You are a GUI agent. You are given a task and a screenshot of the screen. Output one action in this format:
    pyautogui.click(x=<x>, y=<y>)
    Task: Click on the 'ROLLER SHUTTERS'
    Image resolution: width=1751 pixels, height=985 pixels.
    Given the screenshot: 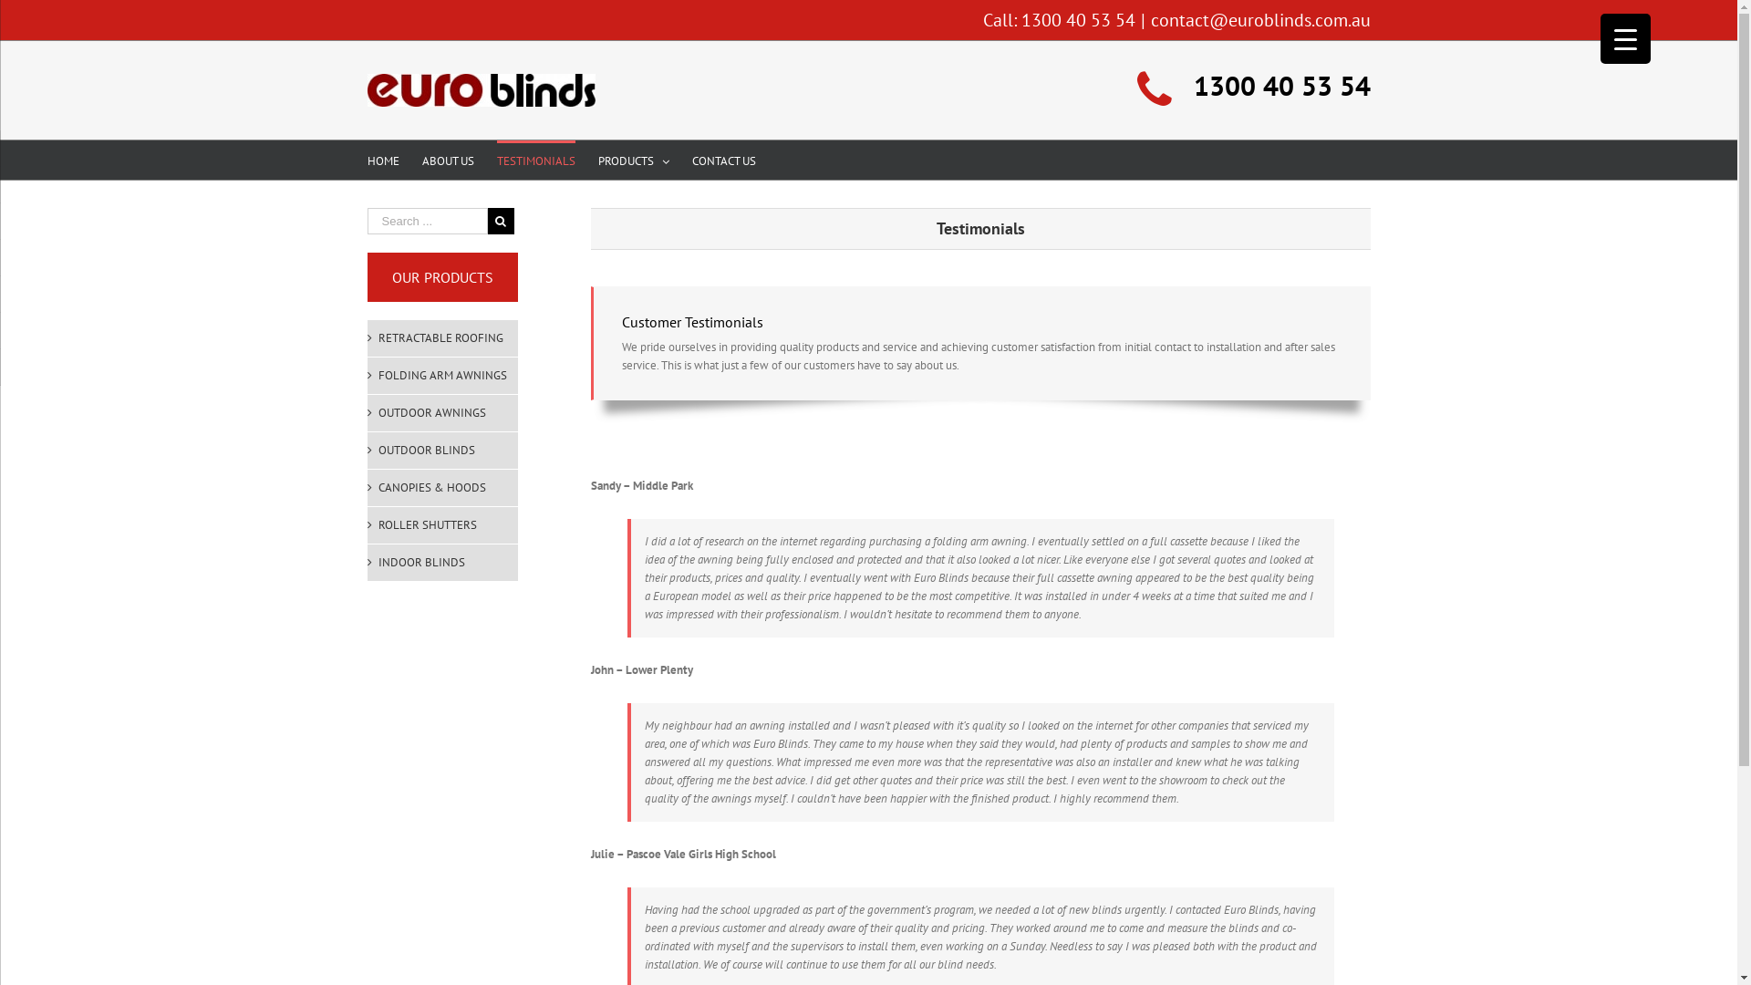 What is the action you would take?
    pyautogui.click(x=442, y=524)
    